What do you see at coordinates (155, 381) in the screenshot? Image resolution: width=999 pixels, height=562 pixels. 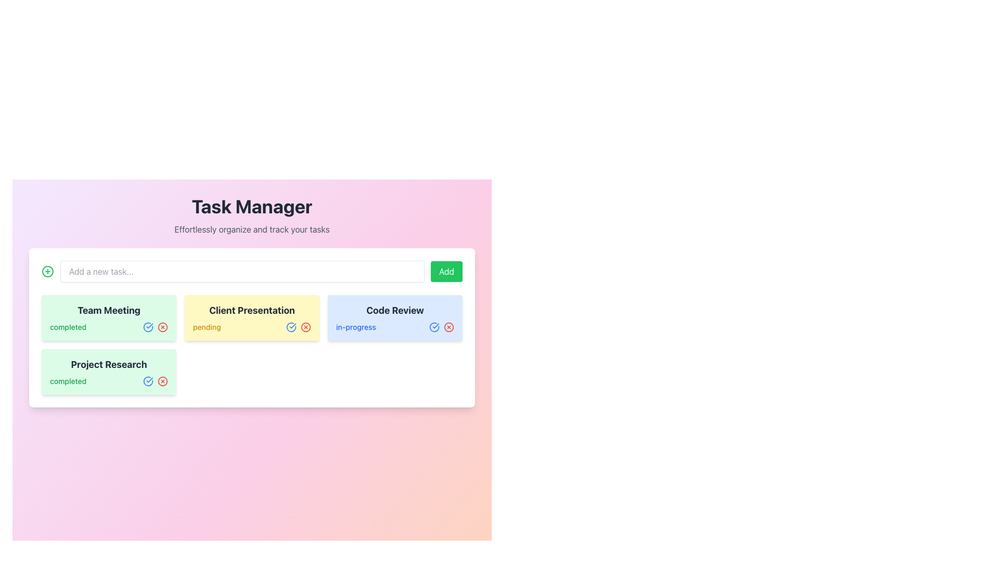 I see `the blue check mark icon located in the bottom right corner of the 'Project Research' task card to confirm the task completion` at bounding box center [155, 381].